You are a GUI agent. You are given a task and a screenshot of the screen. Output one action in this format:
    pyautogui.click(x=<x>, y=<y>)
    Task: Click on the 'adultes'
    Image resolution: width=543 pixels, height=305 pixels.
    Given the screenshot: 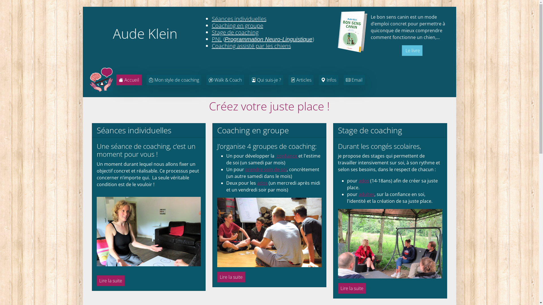 What is the action you would take?
    pyautogui.click(x=367, y=194)
    